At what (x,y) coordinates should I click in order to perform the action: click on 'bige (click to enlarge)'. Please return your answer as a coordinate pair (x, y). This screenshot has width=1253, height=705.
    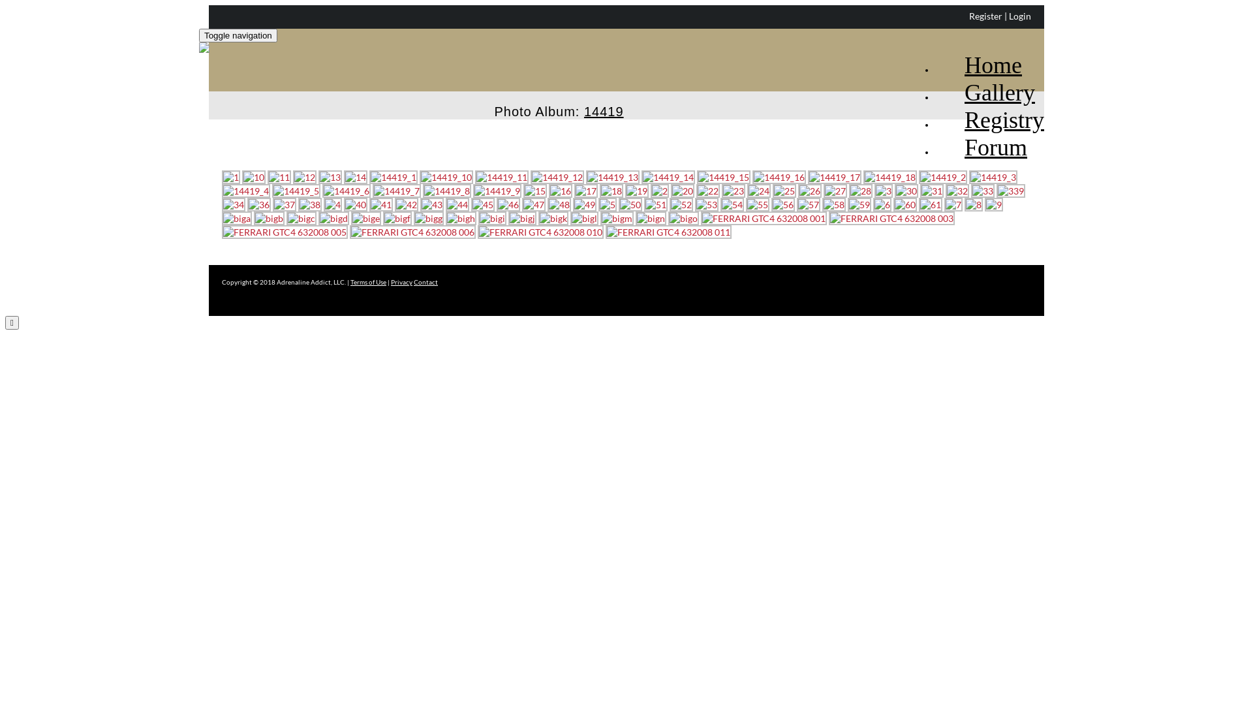
    Looking at the image, I should click on (365, 217).